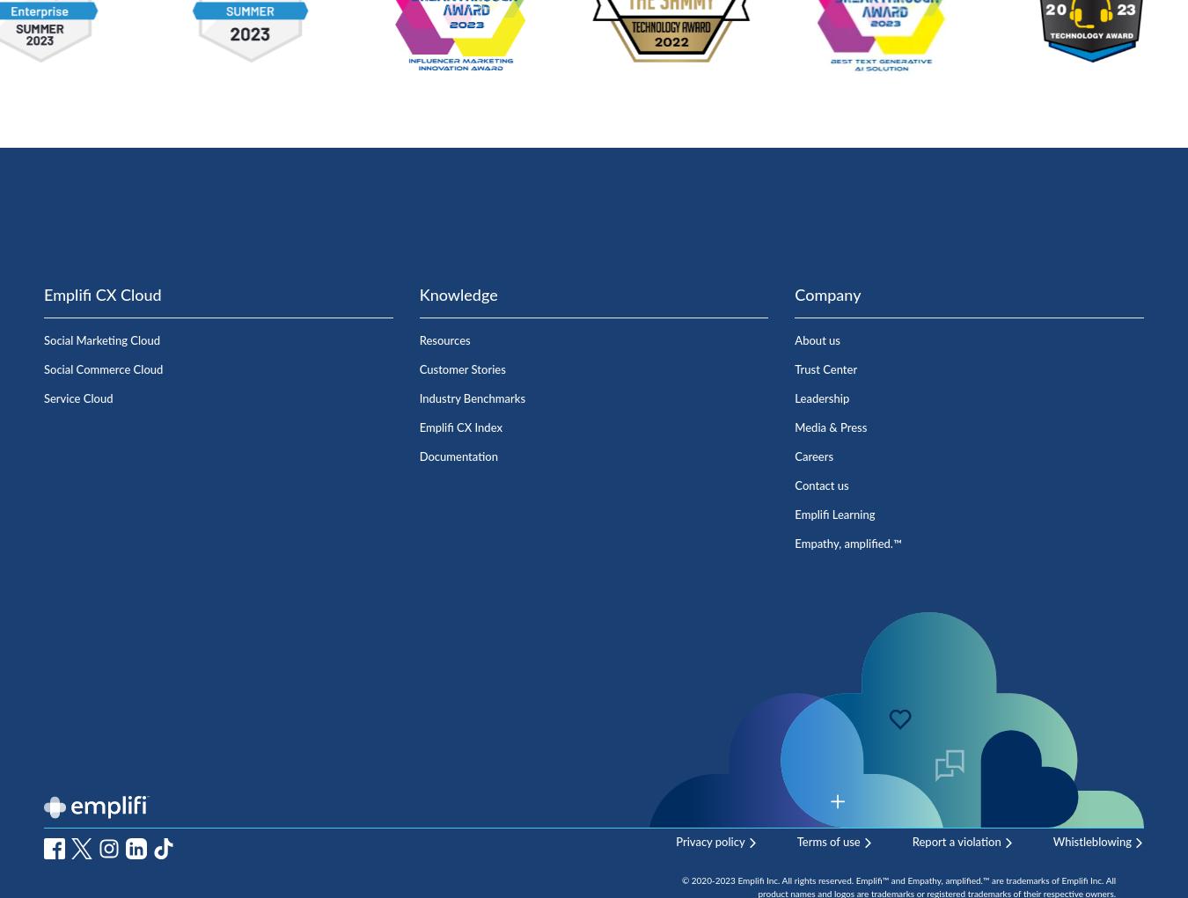 The image size is (1188, 898). I want to click on 'Leadership', so click(794, 398).